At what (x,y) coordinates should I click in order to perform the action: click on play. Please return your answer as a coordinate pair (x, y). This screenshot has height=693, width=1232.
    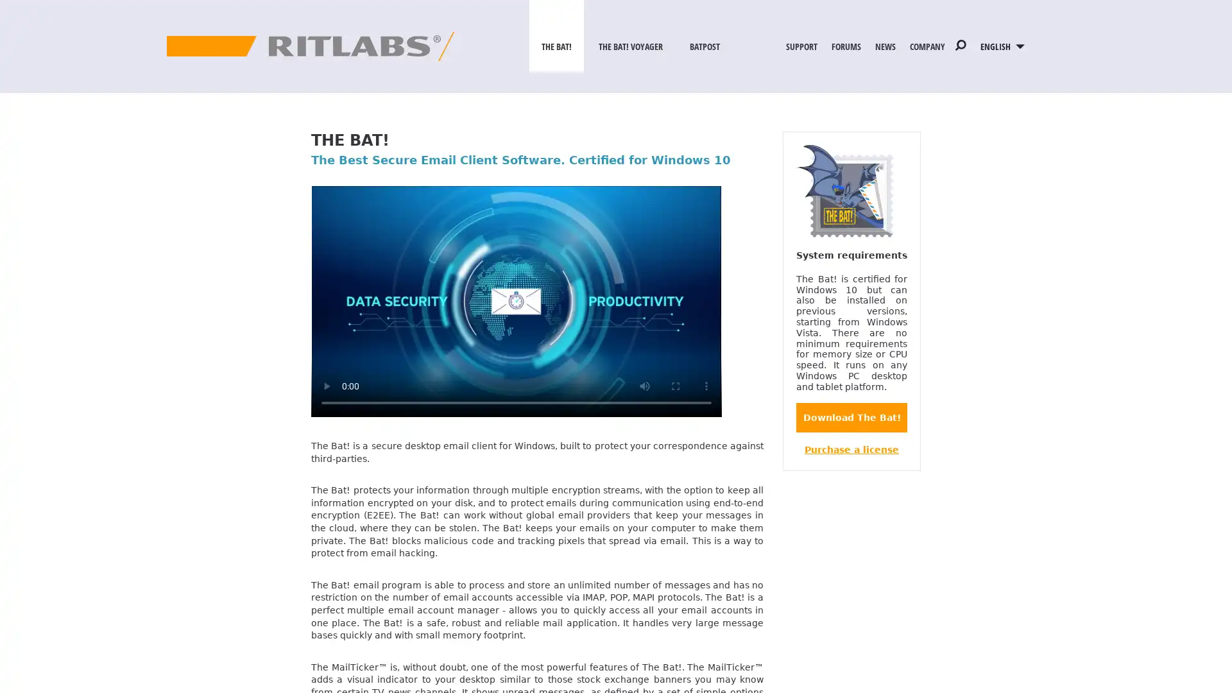
    Looking at the image, I should click on (326, 385).